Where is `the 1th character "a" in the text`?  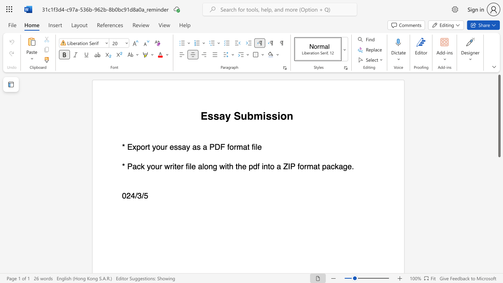 the 1th character "a" in the text is located at coordinates (184, 147).